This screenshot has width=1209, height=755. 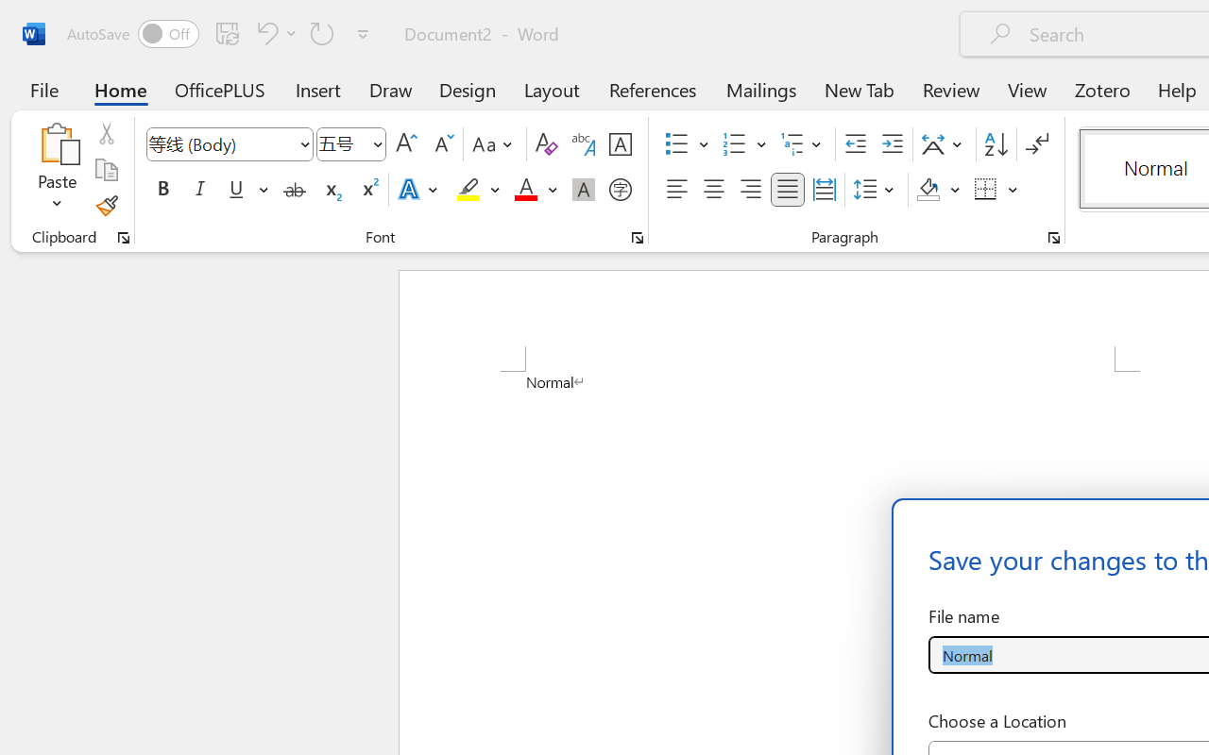 What do you see at coordinates (221, 33) in the screenshot?
I see `'Quick Access Toolbar'` at bounding box center [221, 33].